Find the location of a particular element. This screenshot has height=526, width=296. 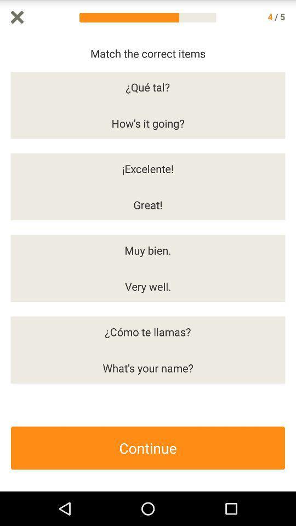

the continue button is located at coordinates (148, 448).